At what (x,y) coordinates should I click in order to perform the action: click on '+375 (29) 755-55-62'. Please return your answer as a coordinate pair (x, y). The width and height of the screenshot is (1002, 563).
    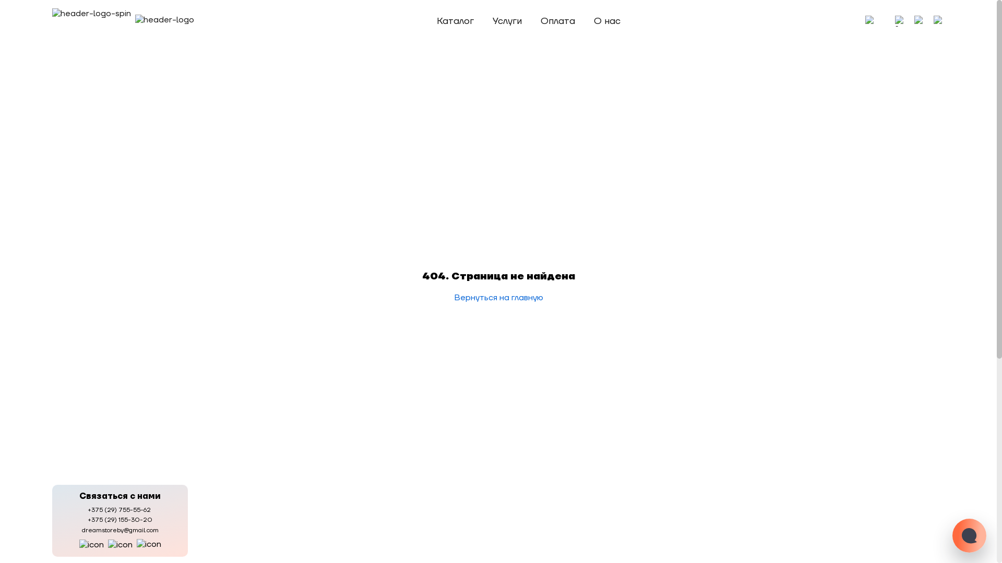
    Looking at the image, I should click on (120, 509).